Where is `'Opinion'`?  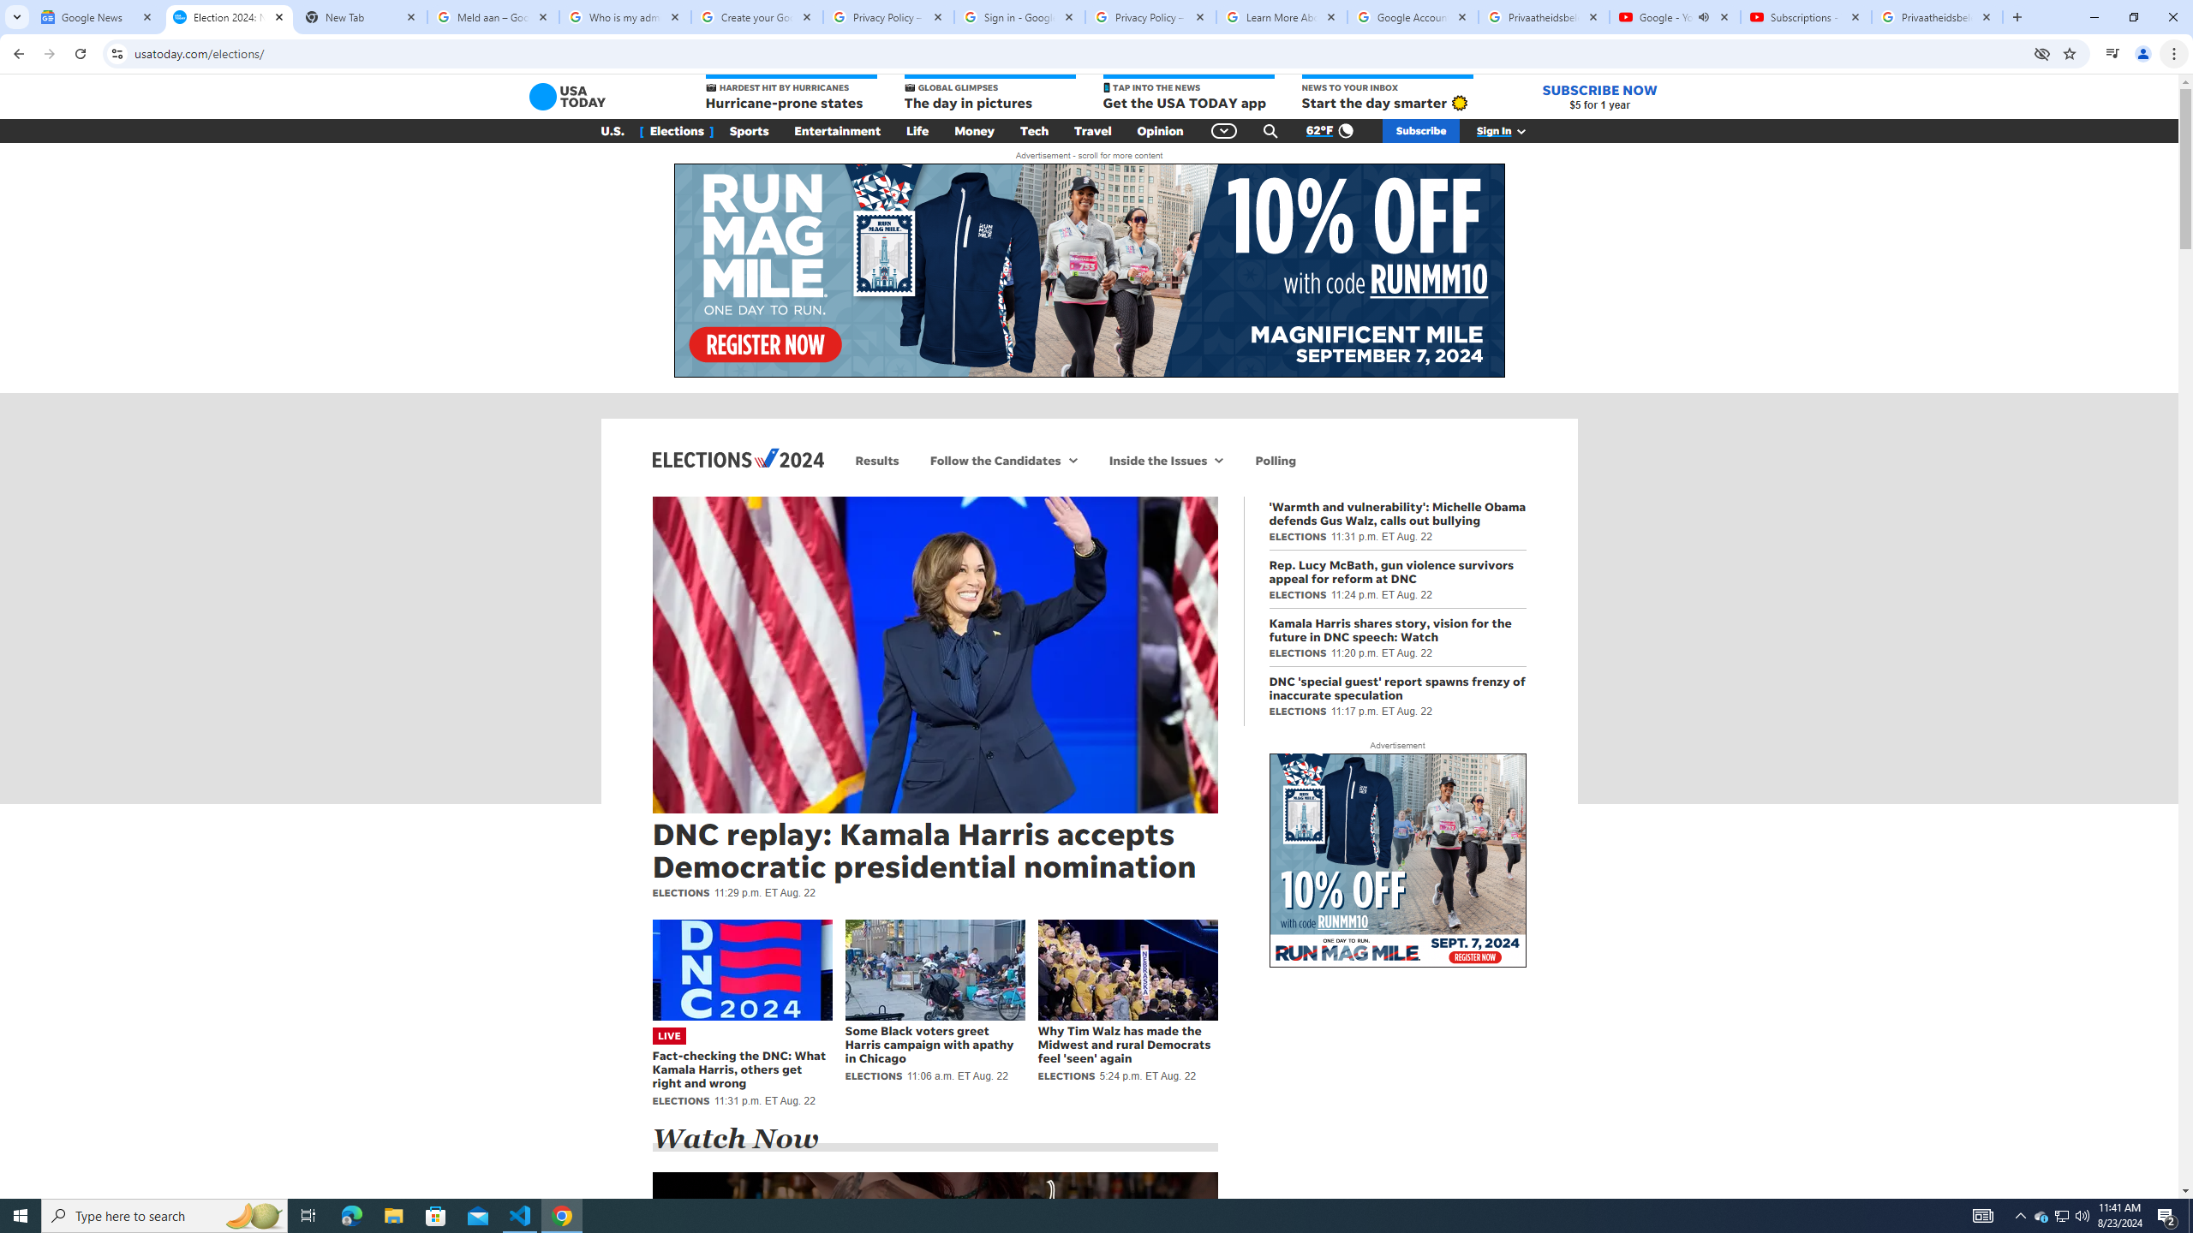 'Opinion' is located at coordinates (1159, 131).